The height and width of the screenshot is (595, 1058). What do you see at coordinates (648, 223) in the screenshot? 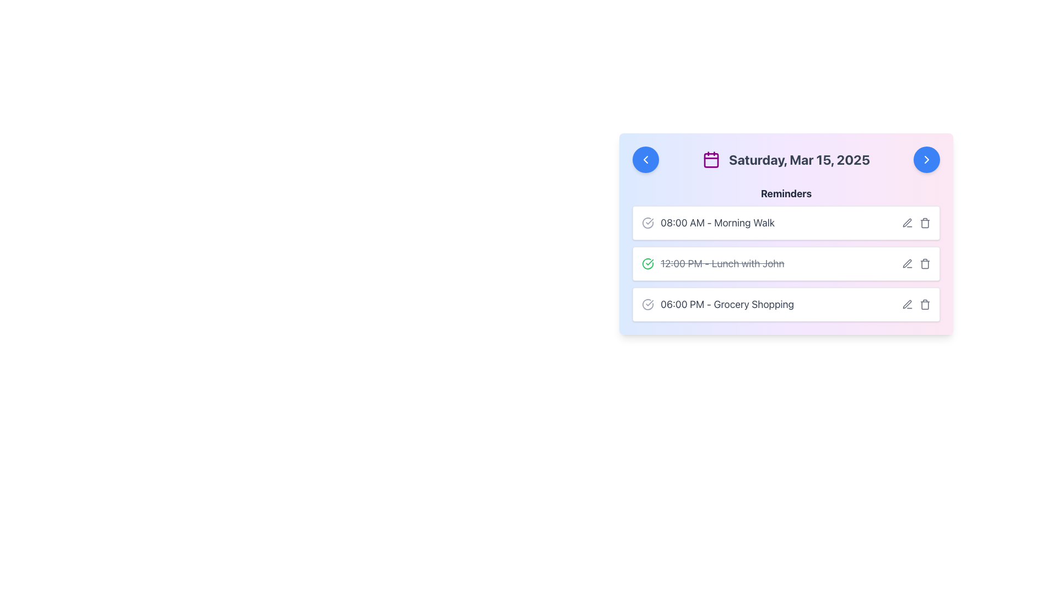
I see `the circular icon with a checkmark inside, styled in light gray, located next to the text '08:00 AM - Morning Walk'` at bounding box center [648, 223].